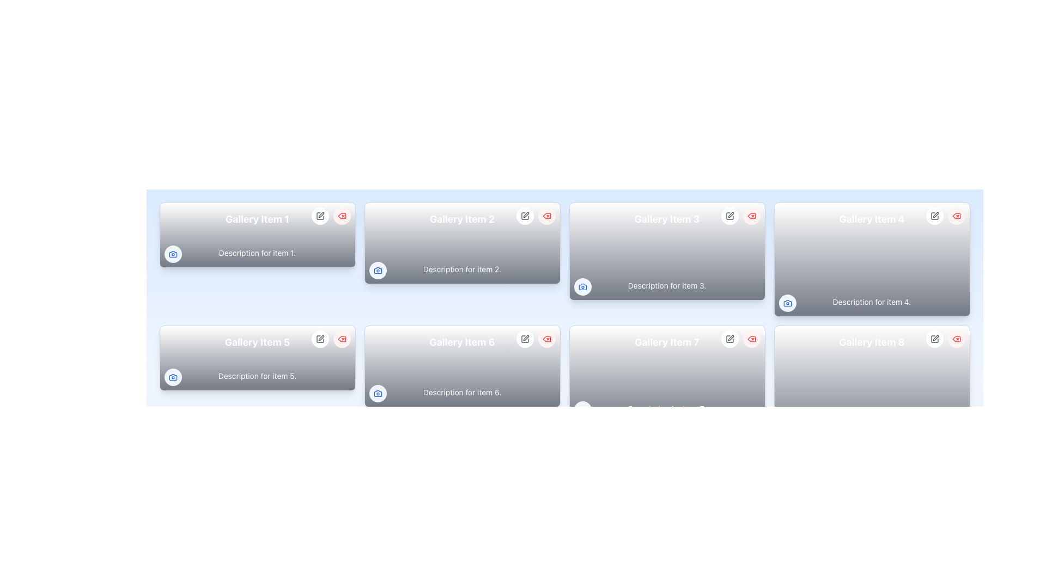 The width and height of the screenshot is (1046, 588). I want to click on the circular button with a white background and gray border featuring a pen icon, located in the upper-right corner of the card labeled 'Gallery Item 7', so click(729, 339).